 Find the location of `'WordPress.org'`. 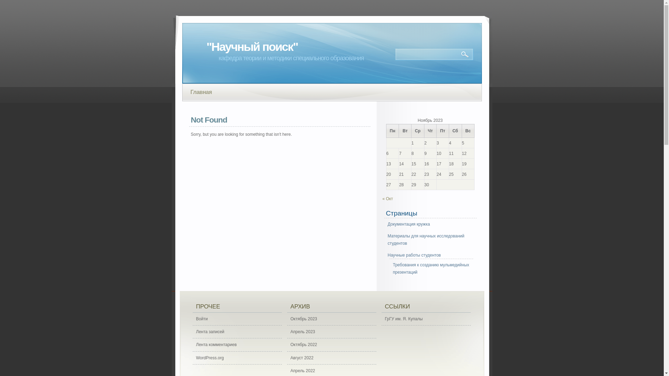

'WordPress.org' is located at coordinates (237, 358).